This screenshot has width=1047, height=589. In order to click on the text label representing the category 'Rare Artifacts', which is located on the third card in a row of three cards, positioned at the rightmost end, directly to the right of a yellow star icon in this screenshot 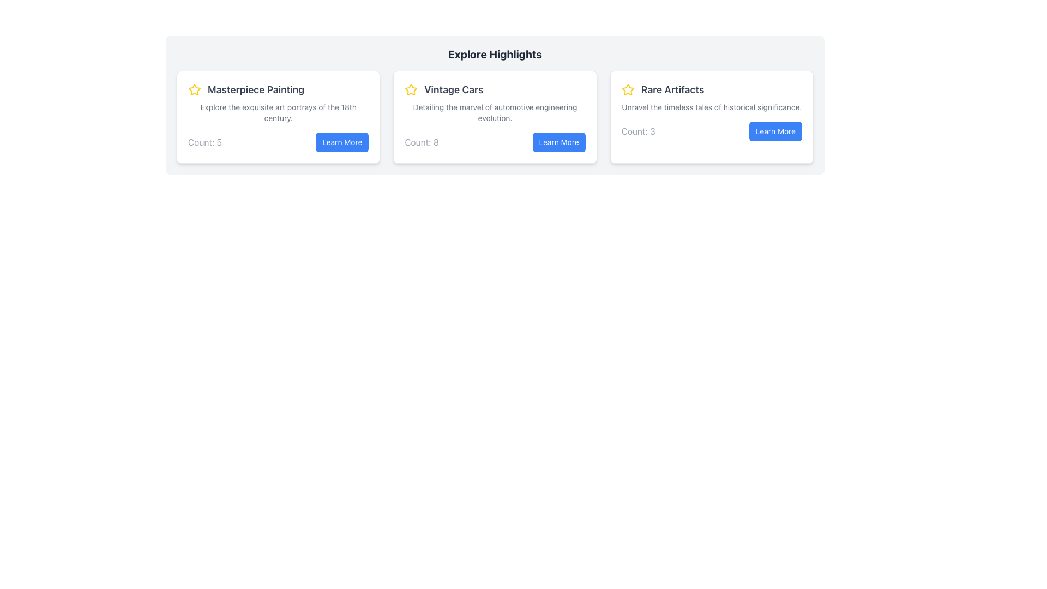, I will do `click(672, 89)`.